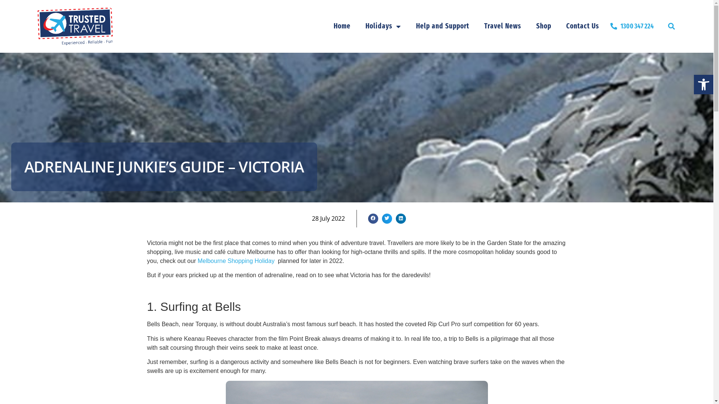 Image resolution: width=719 pixels, height=404 pixels. Describe the element at coordinates (198, 260) in the screenshot. I see `'Melbourne Shopping Holiday'` at that location.